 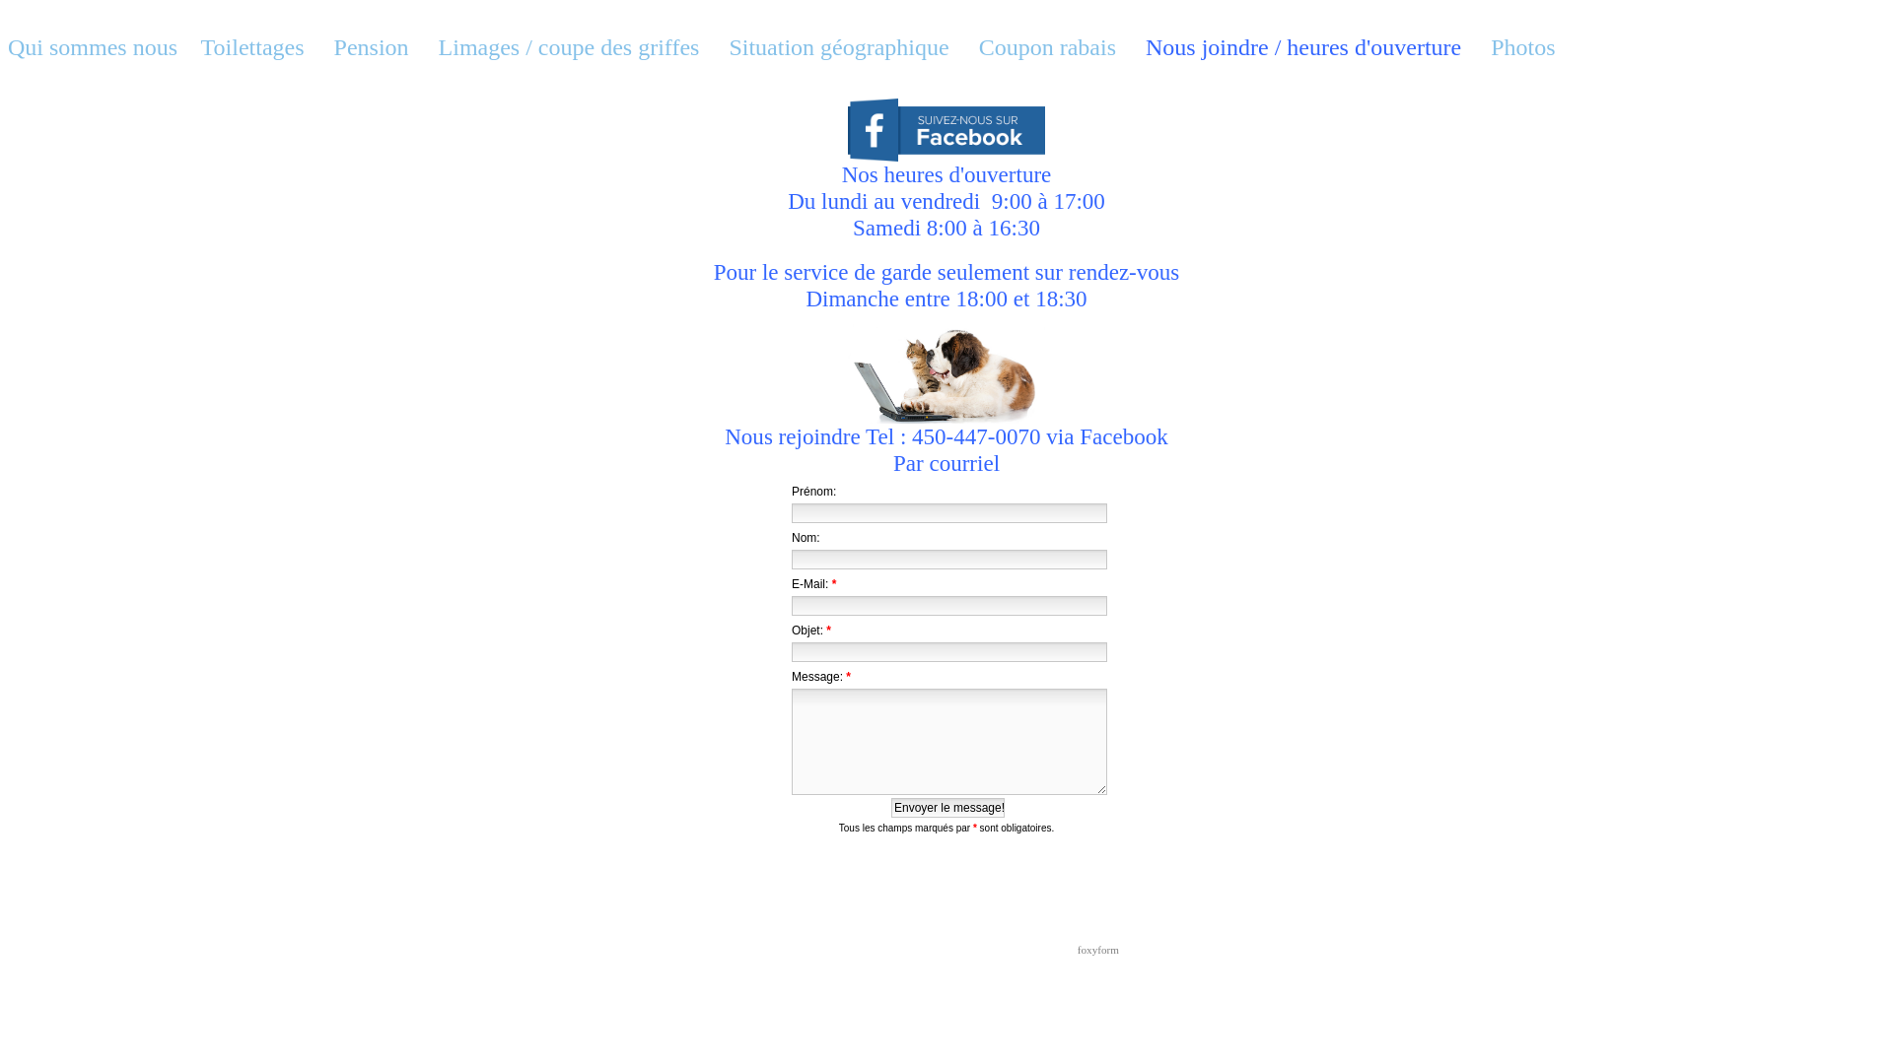 I want to click on 'Pension', so click(x=369, y=45).